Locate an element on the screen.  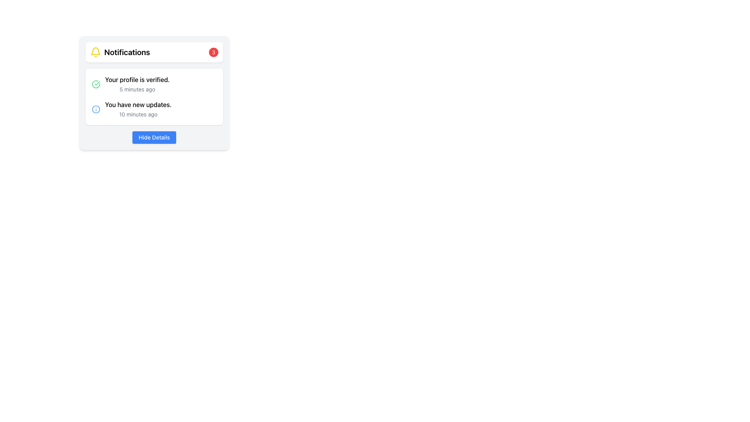
the bell icon representing notifications, located to the left of the title text 'Notifications' is located at coordinates (95, 52).